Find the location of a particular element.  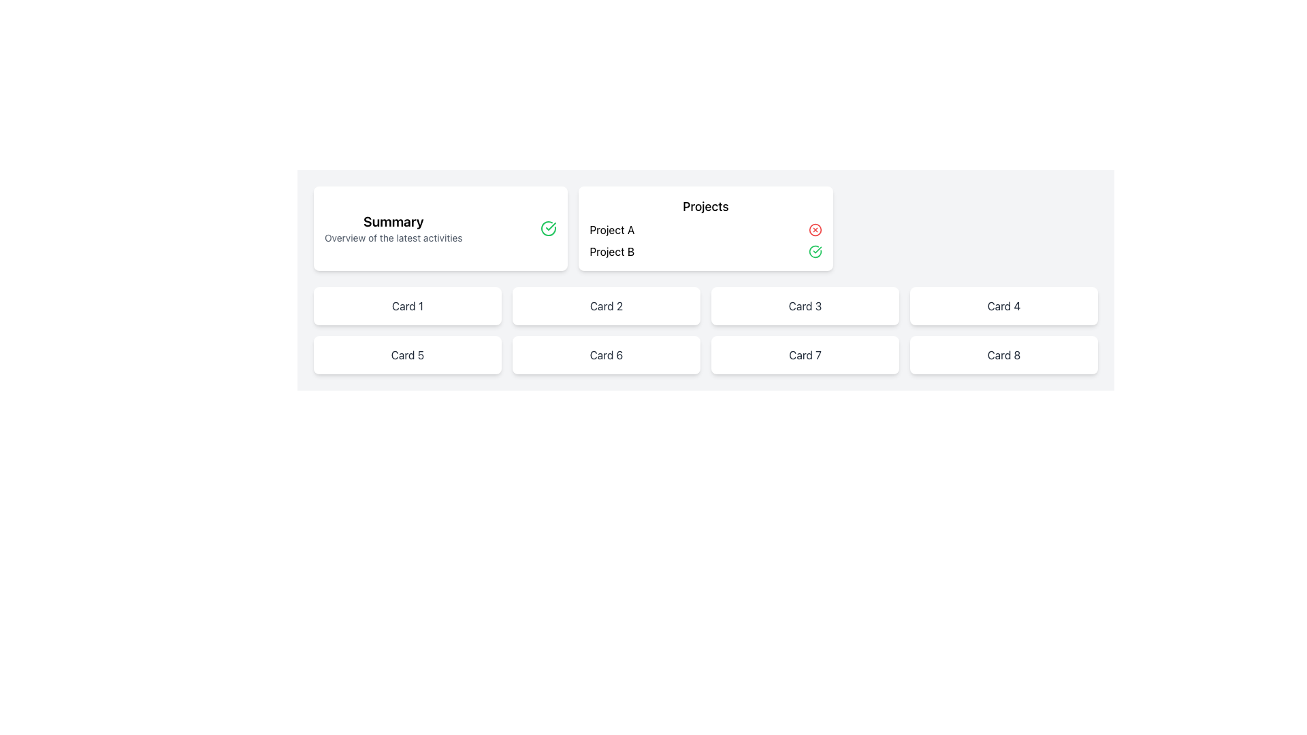

the static text label located within the 'Summary' card, positioned directly below the 'Summary' title is located at coordinates (393, 238).